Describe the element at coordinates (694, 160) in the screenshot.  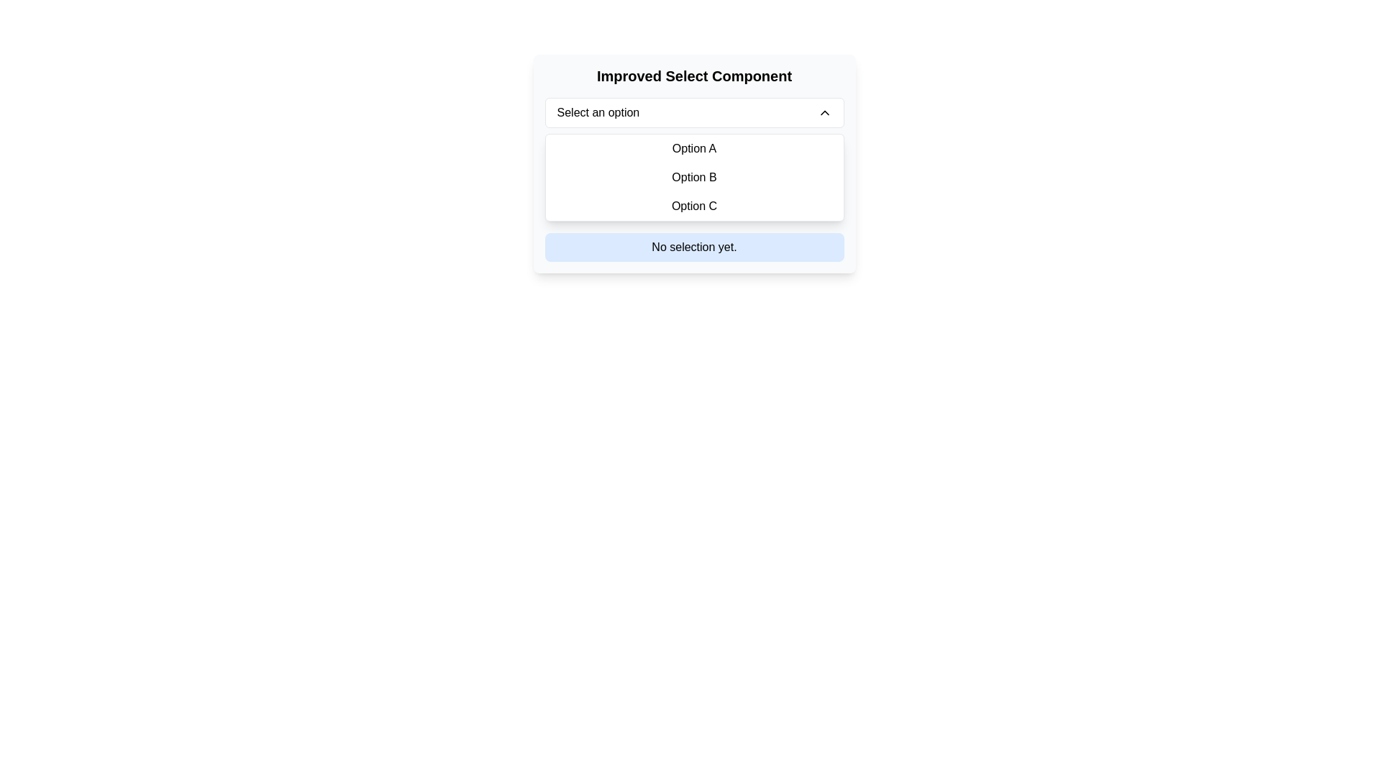
I see `the dropdown menu option within the 'Improved Select Component'` at that location.